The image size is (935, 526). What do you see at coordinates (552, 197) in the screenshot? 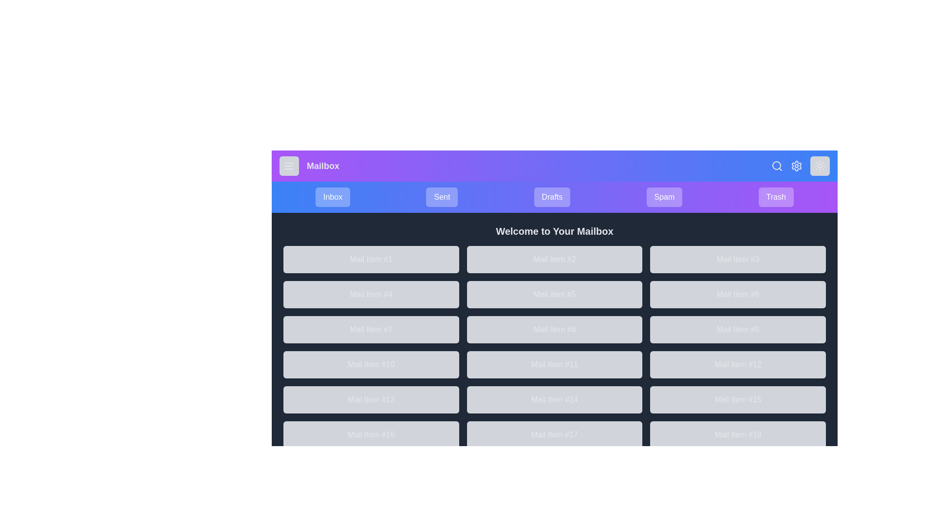
I see `the navigation or action element Drafts` at bounding box center [552, 197].